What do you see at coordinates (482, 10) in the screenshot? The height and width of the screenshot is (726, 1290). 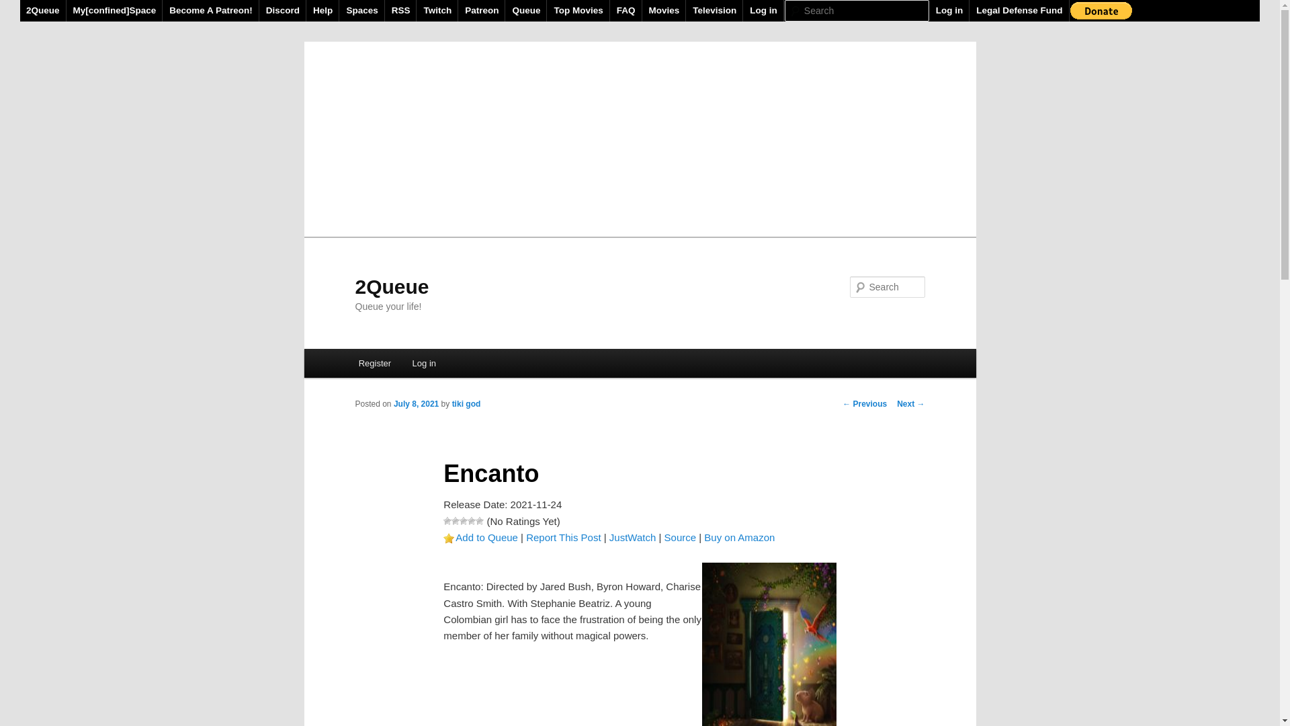 I see `'Patreon'` at bounding box center [482, 10].